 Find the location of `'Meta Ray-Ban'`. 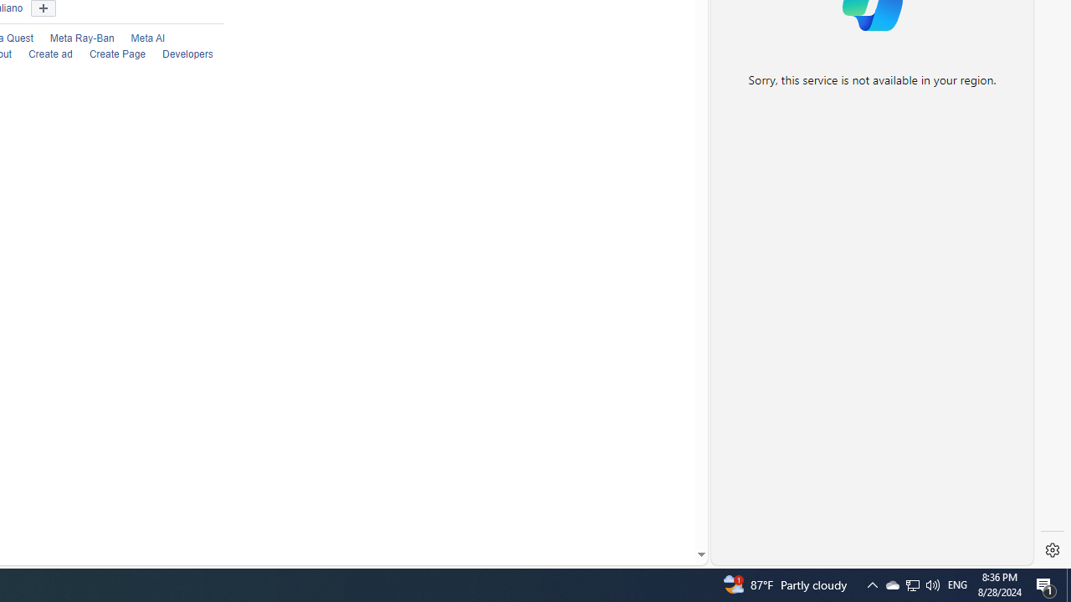

'Meta Ray-Ban' is located at coordinates (80, 38).